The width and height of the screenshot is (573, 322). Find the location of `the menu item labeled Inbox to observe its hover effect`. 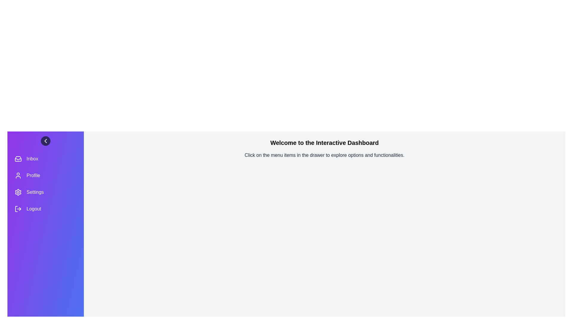

the menu item labeled Inbox to observe its hover effect is located at coordinates (45, 158).